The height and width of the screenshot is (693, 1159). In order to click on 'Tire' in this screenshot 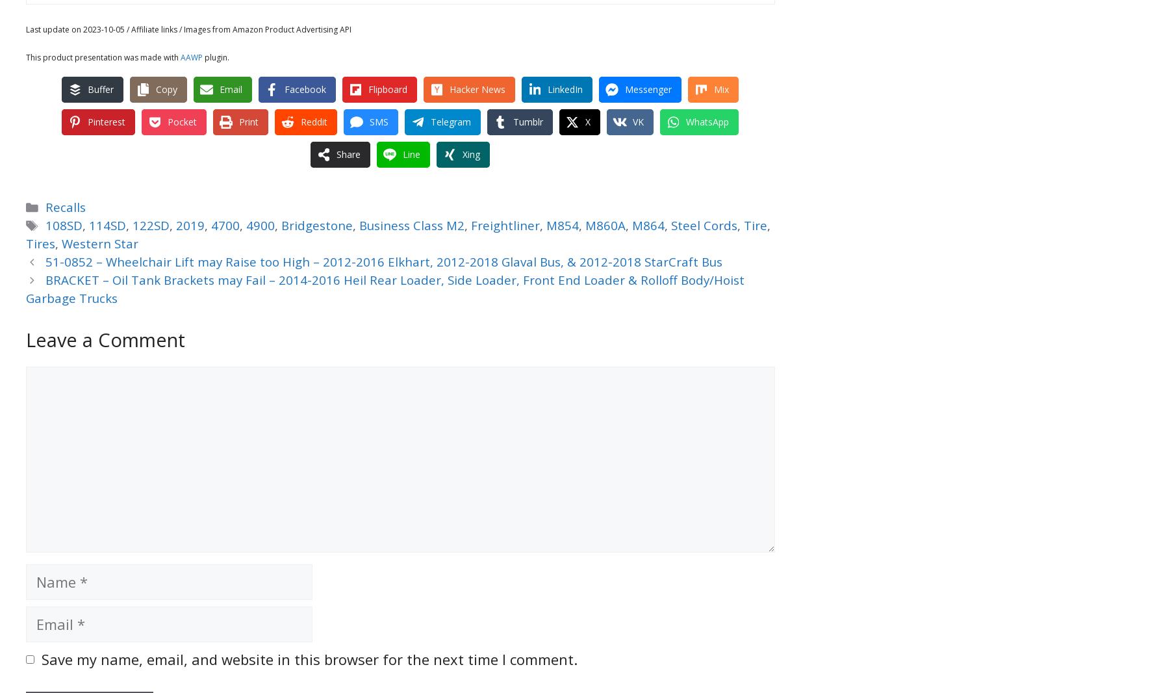, I will do `click(754, 225)`.